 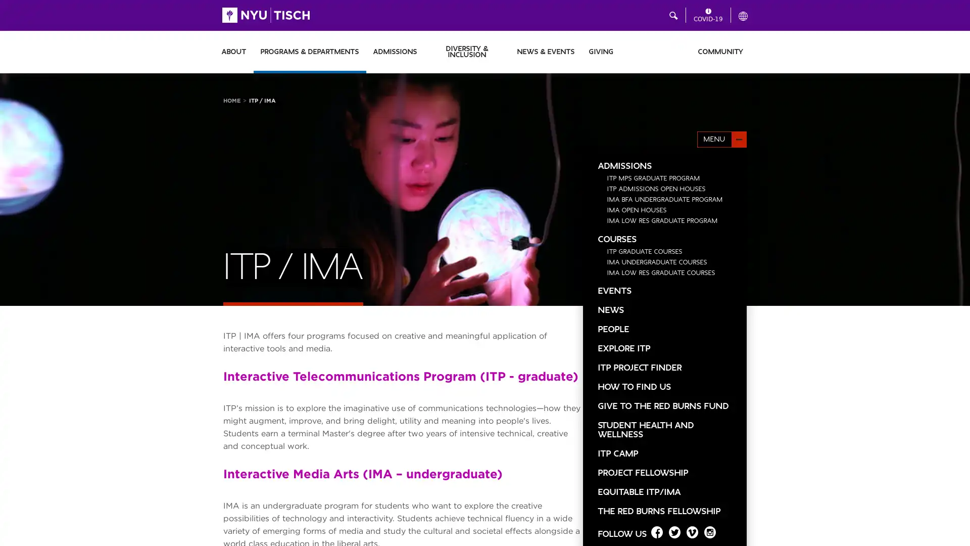 I want to click on Search, so click(x=619, y=15).